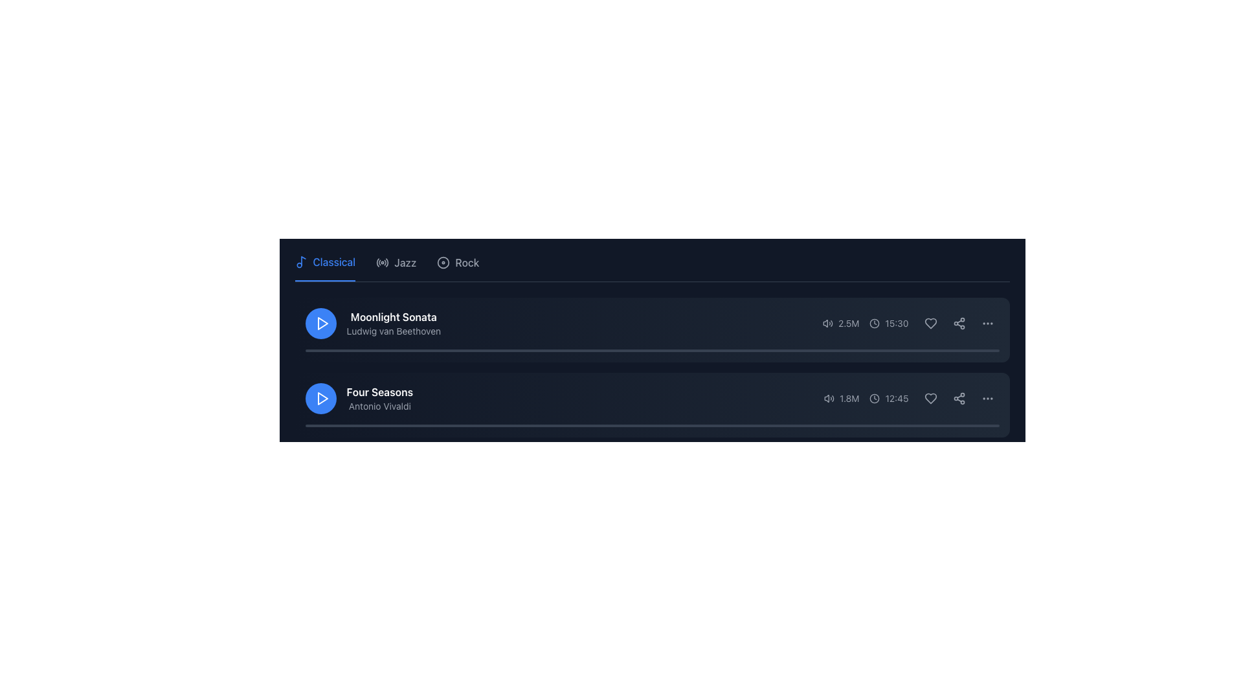  Describe the element at coordinates (466, 262) in the screenshot. I see `the text label 'Rock' located on the navigation bar, which is the third item from the left in a horizontal list of genres` at that location.